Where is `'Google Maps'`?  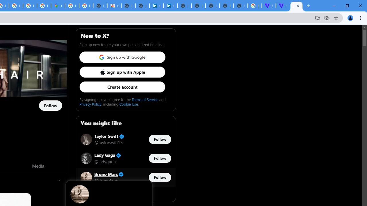
'Google Maps' is located at coordinates (58, 6).